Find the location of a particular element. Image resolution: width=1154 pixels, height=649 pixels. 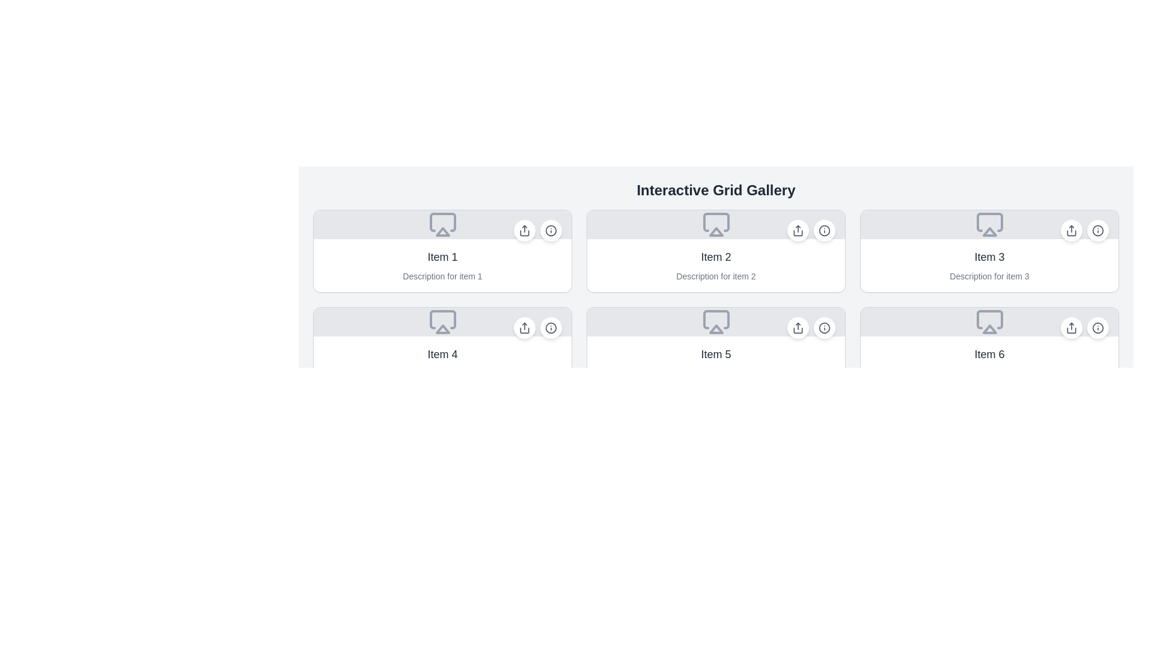

title label for the fourth item in the grid layout, positioned in the second row, first column, which identifies or categorizes the associated content is located at coordinates (442, 354).